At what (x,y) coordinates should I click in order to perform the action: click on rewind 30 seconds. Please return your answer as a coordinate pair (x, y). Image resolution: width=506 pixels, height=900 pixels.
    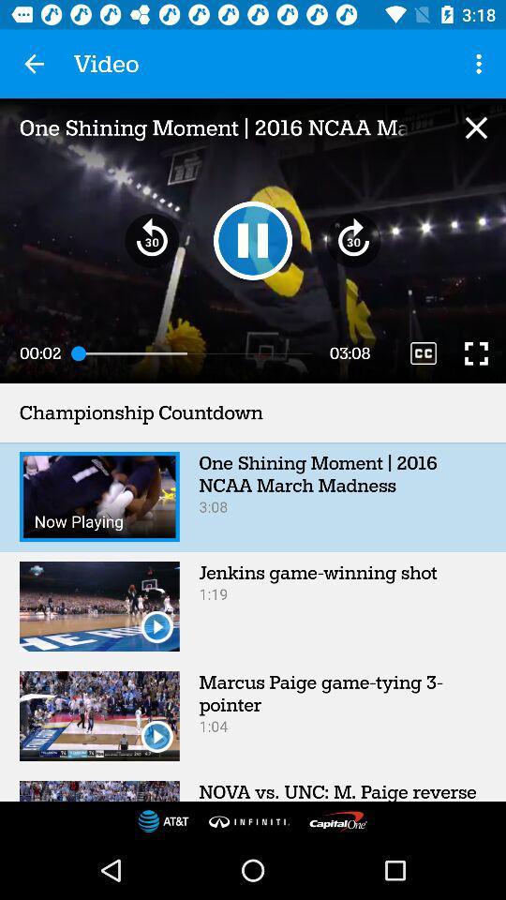
    Looking at the image, I should click on (151, 239).